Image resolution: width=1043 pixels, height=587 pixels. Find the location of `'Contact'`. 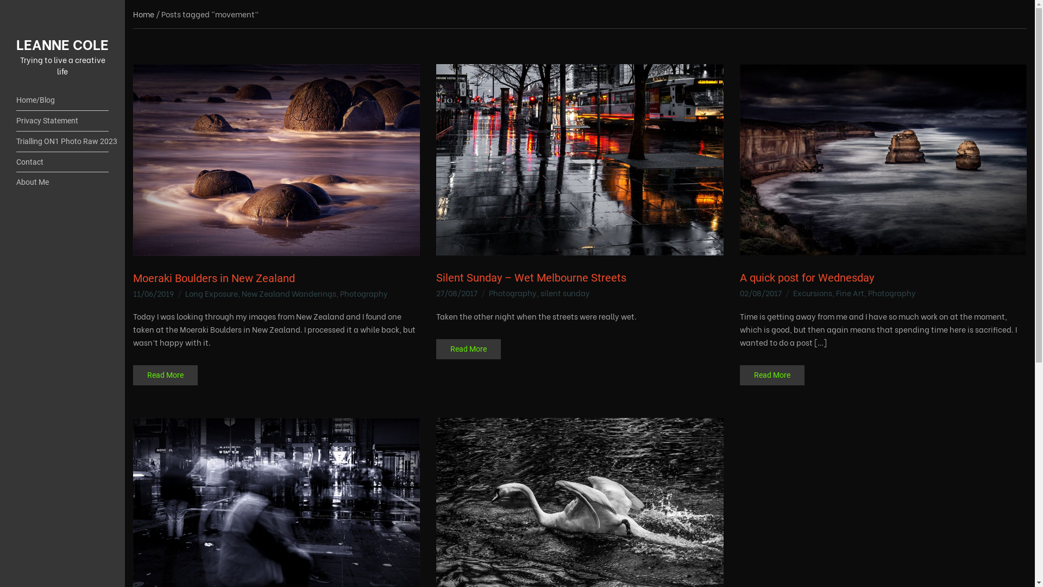

'Contact' is located at coordinates (62, 163).